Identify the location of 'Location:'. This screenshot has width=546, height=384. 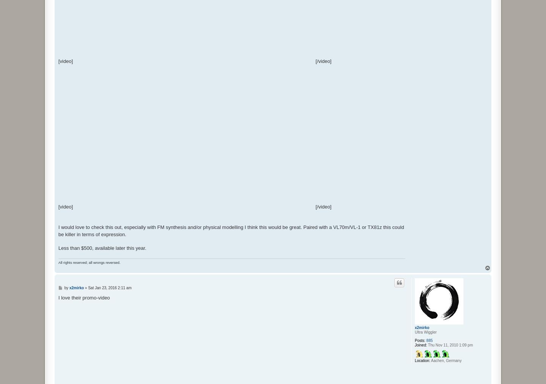
(422, 360).